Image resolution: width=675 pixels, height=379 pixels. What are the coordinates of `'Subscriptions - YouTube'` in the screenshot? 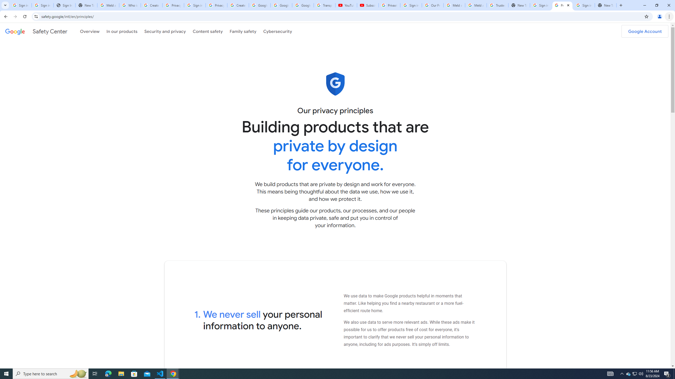 It's located at (367, 5).